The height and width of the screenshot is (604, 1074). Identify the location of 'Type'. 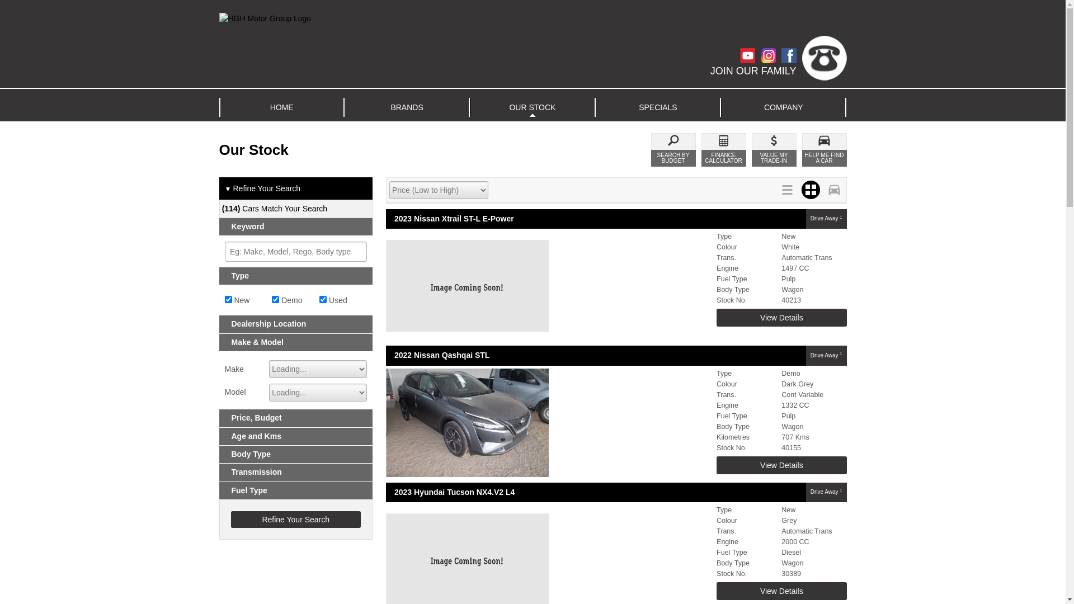
(296, 276).